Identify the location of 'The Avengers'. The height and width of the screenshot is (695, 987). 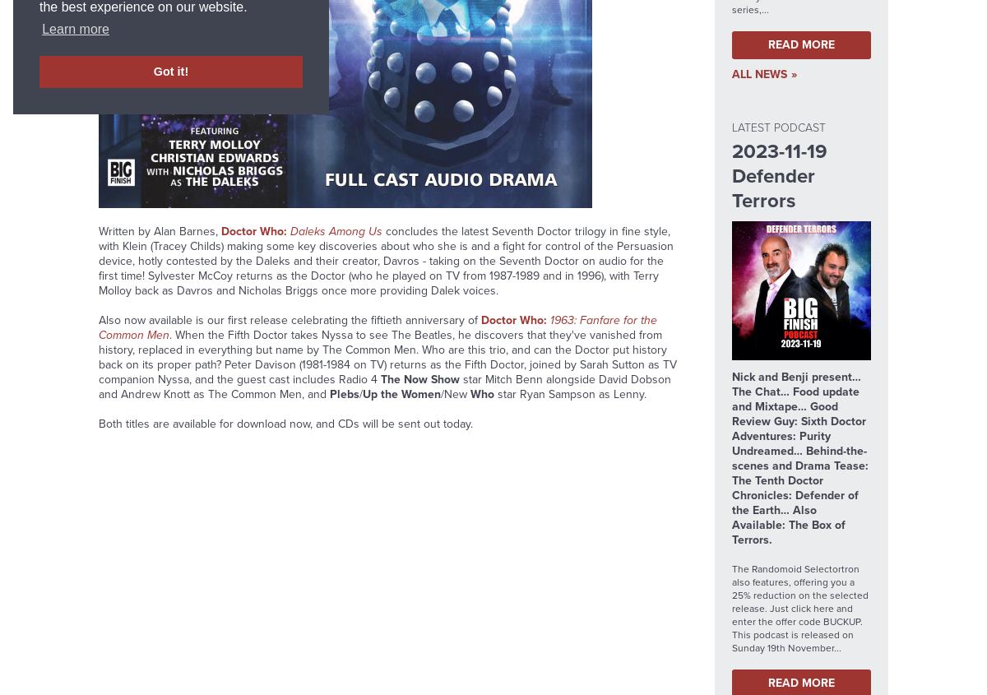
(337, 44).